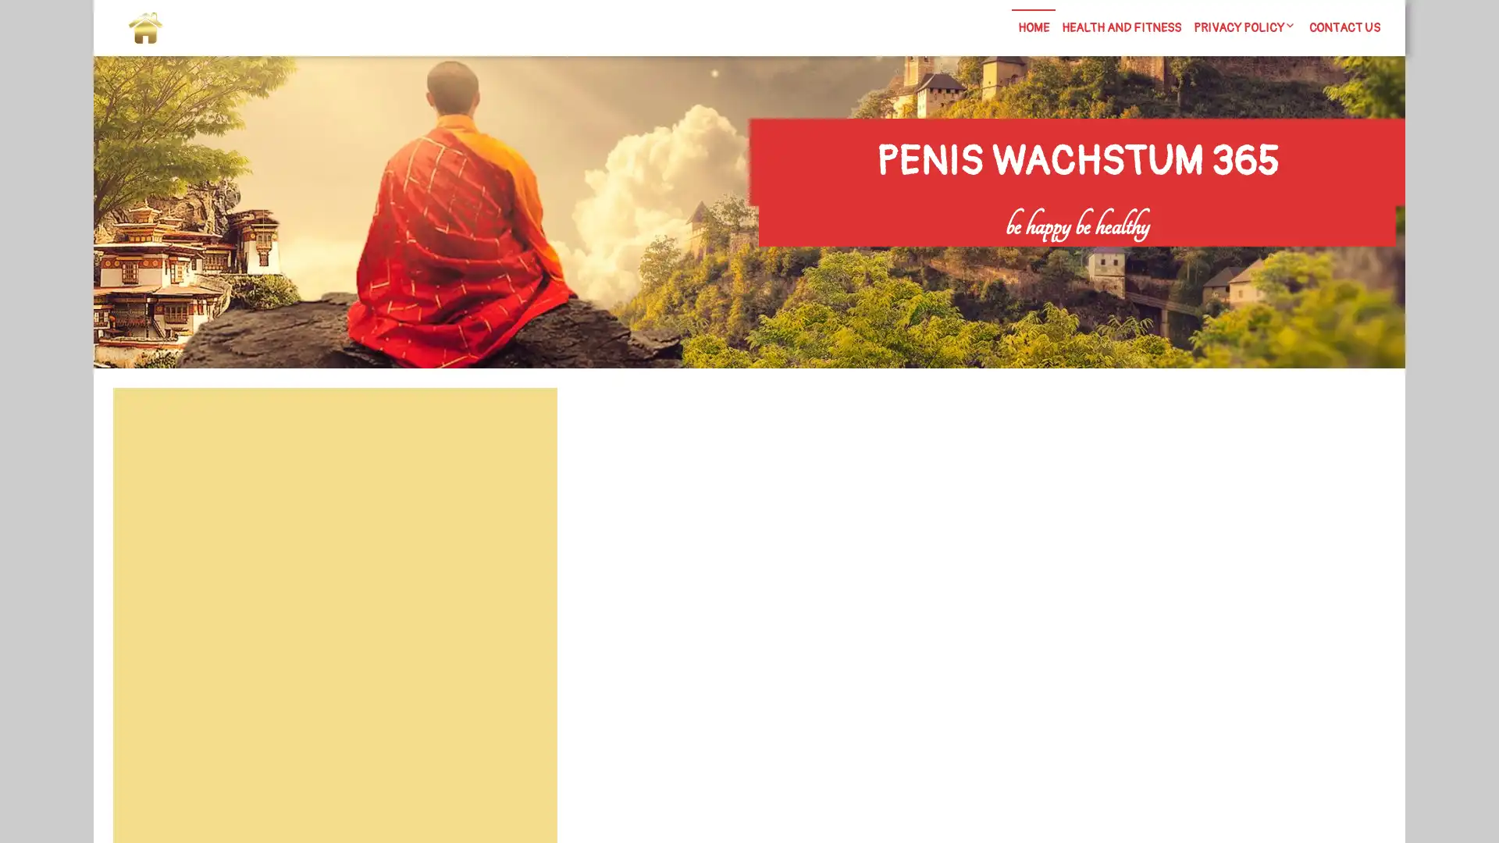 The image size is (1499, 843). What do you see at coordinates (521, 425) in the screenshot?
I see `Search` at bounding box center [521, 425].